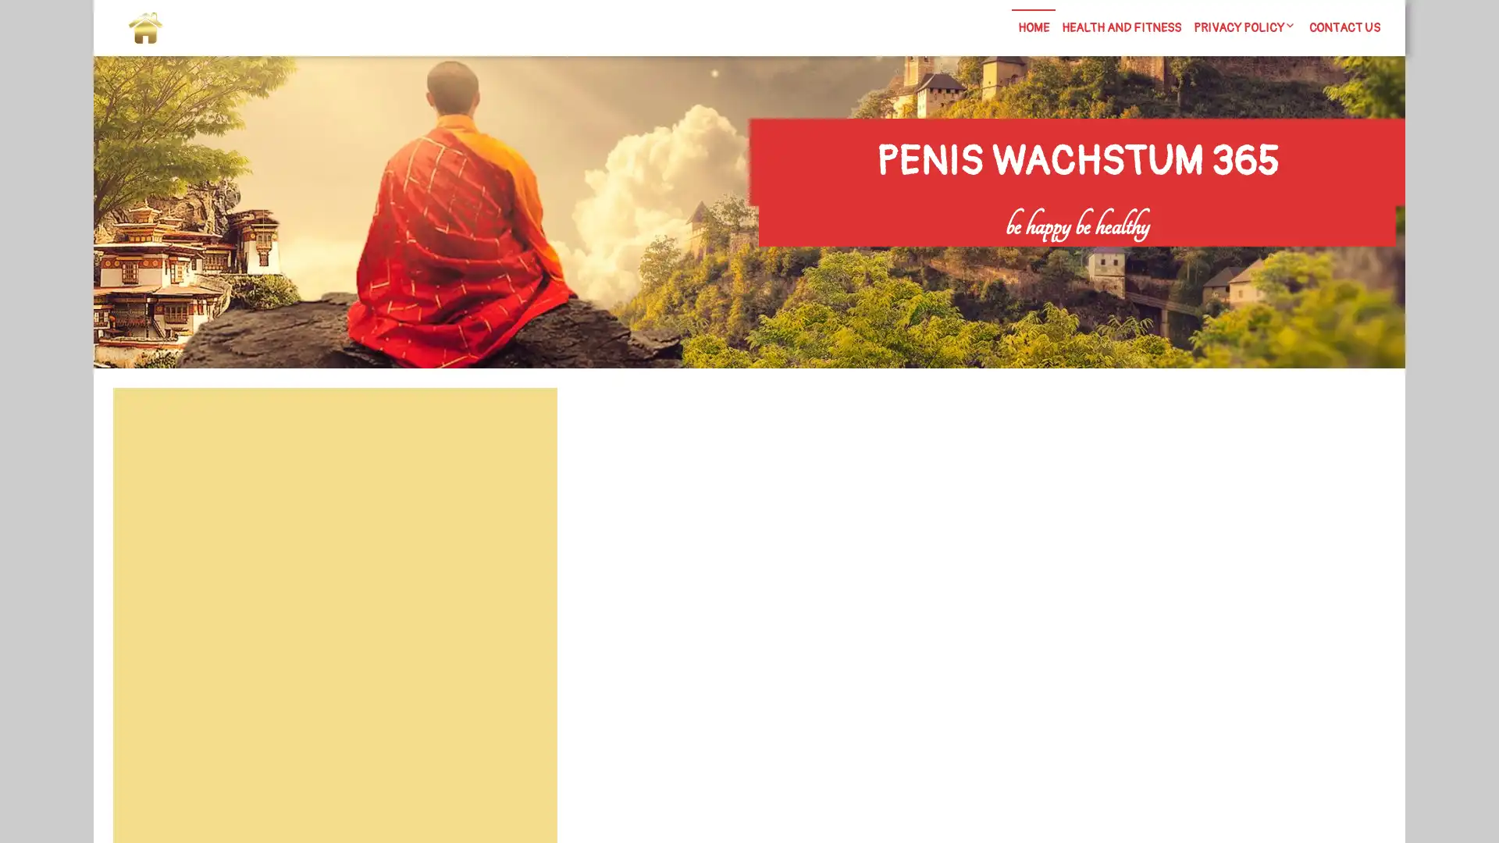 The image size is (1499, 843). What do you see at coordinates (521, 425) in the screenshot?
I see `Search` at bounding box center [521, 425].